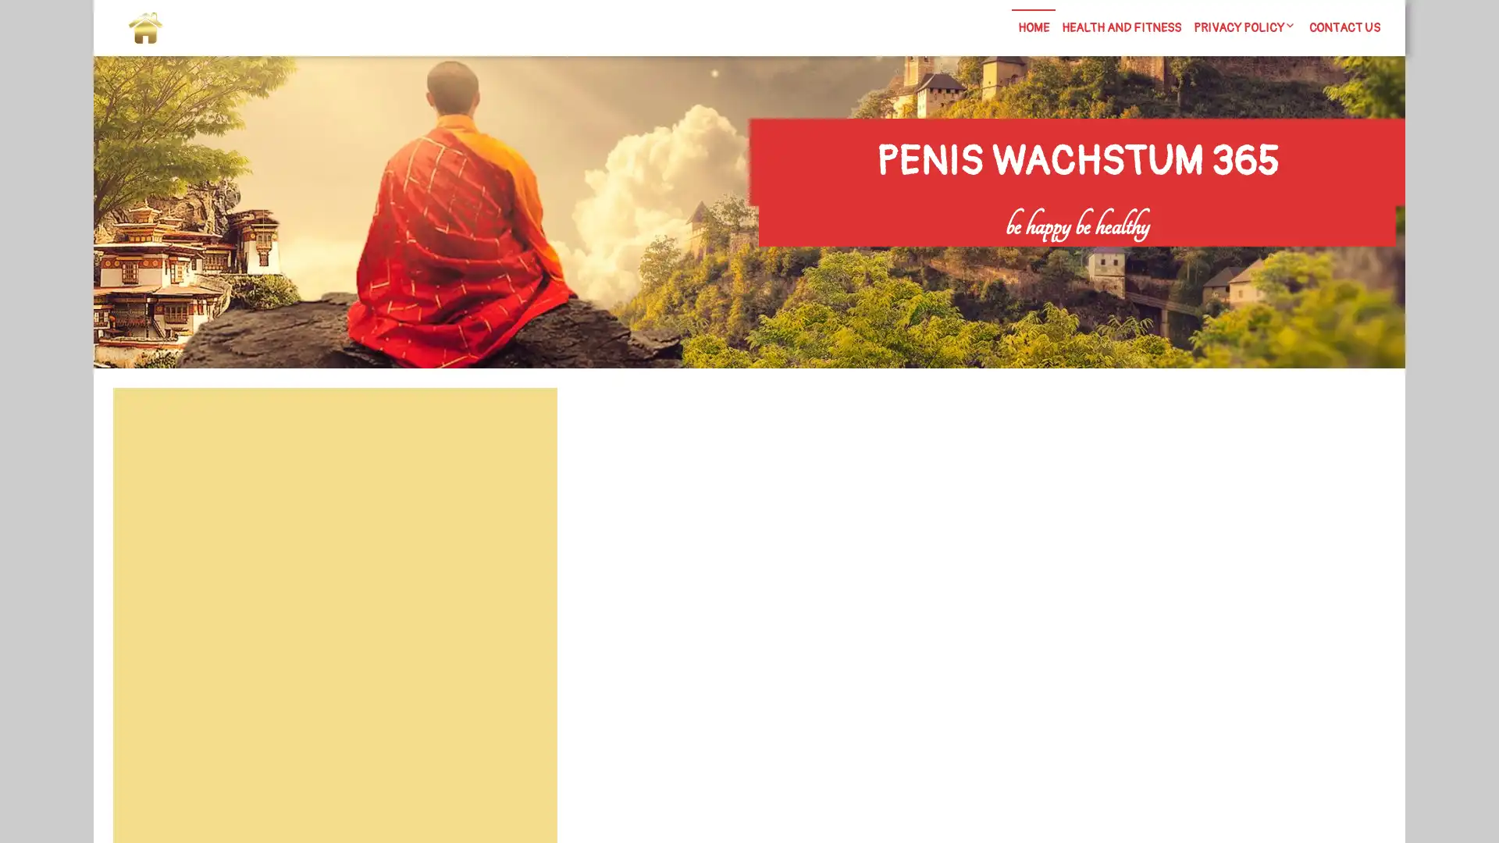 The image size is (1499, 843). What do you see at coordinates (521, 425) in the screenshot?
I see `Search` at bounding box center [521, 425].